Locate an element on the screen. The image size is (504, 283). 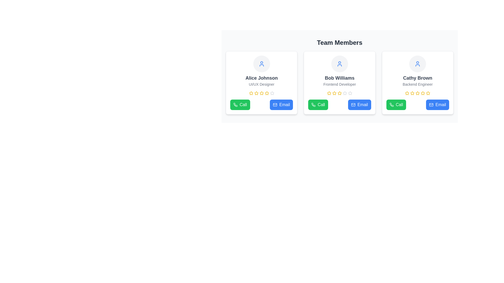
the green 'Call' button containing the small green phone icon for 'Bob Williams' on the team overview page is located at coordinates (313, 105).